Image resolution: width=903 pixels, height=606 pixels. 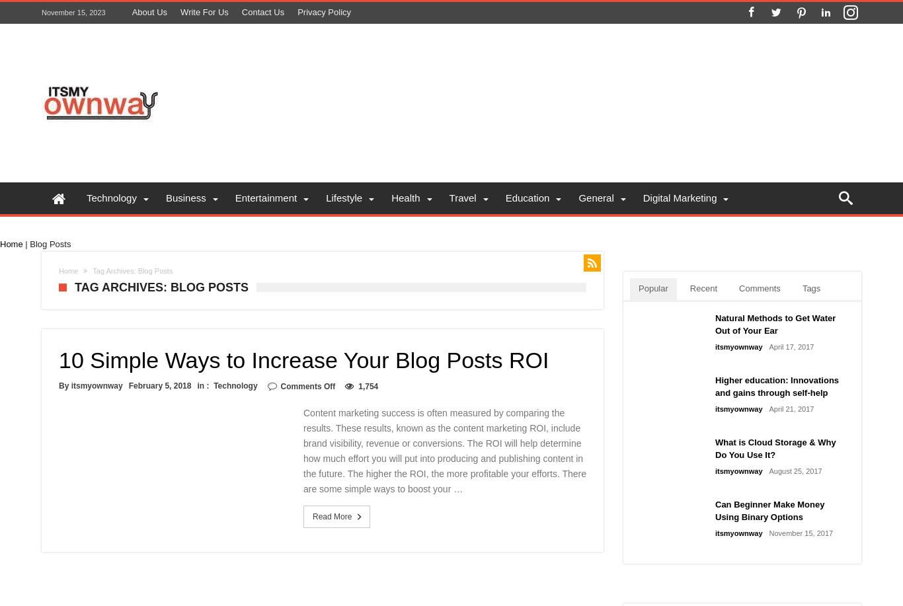 What do you see at coordinates (41, 12) in the screenshot?
I see `'November 15, 2023'` at bounding box center [41, 12].